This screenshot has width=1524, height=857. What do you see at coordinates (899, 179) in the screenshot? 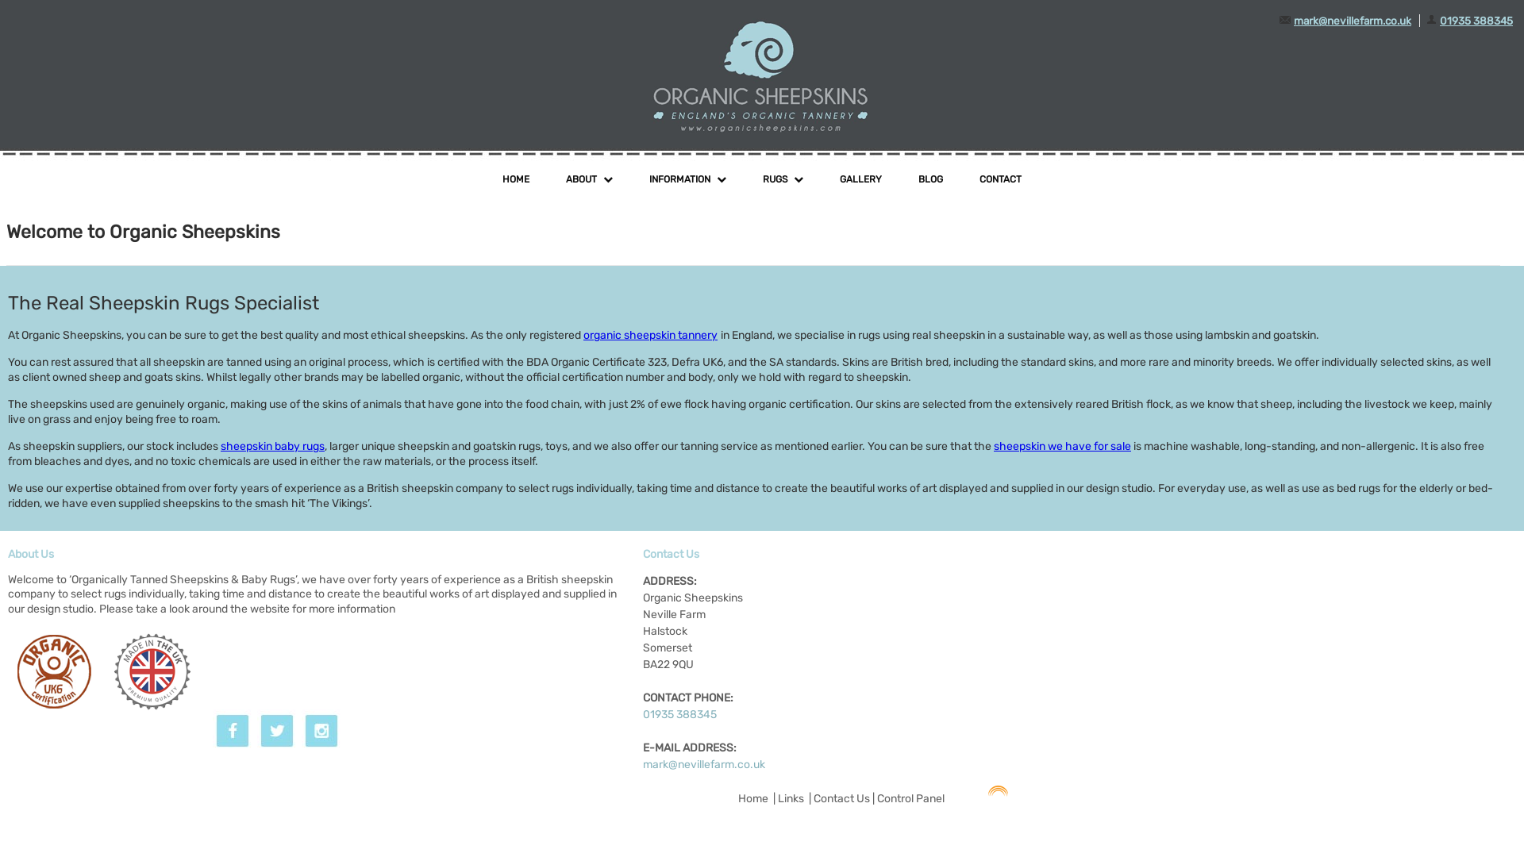
I see `'BLOG'` at bounding box center [899, 179].